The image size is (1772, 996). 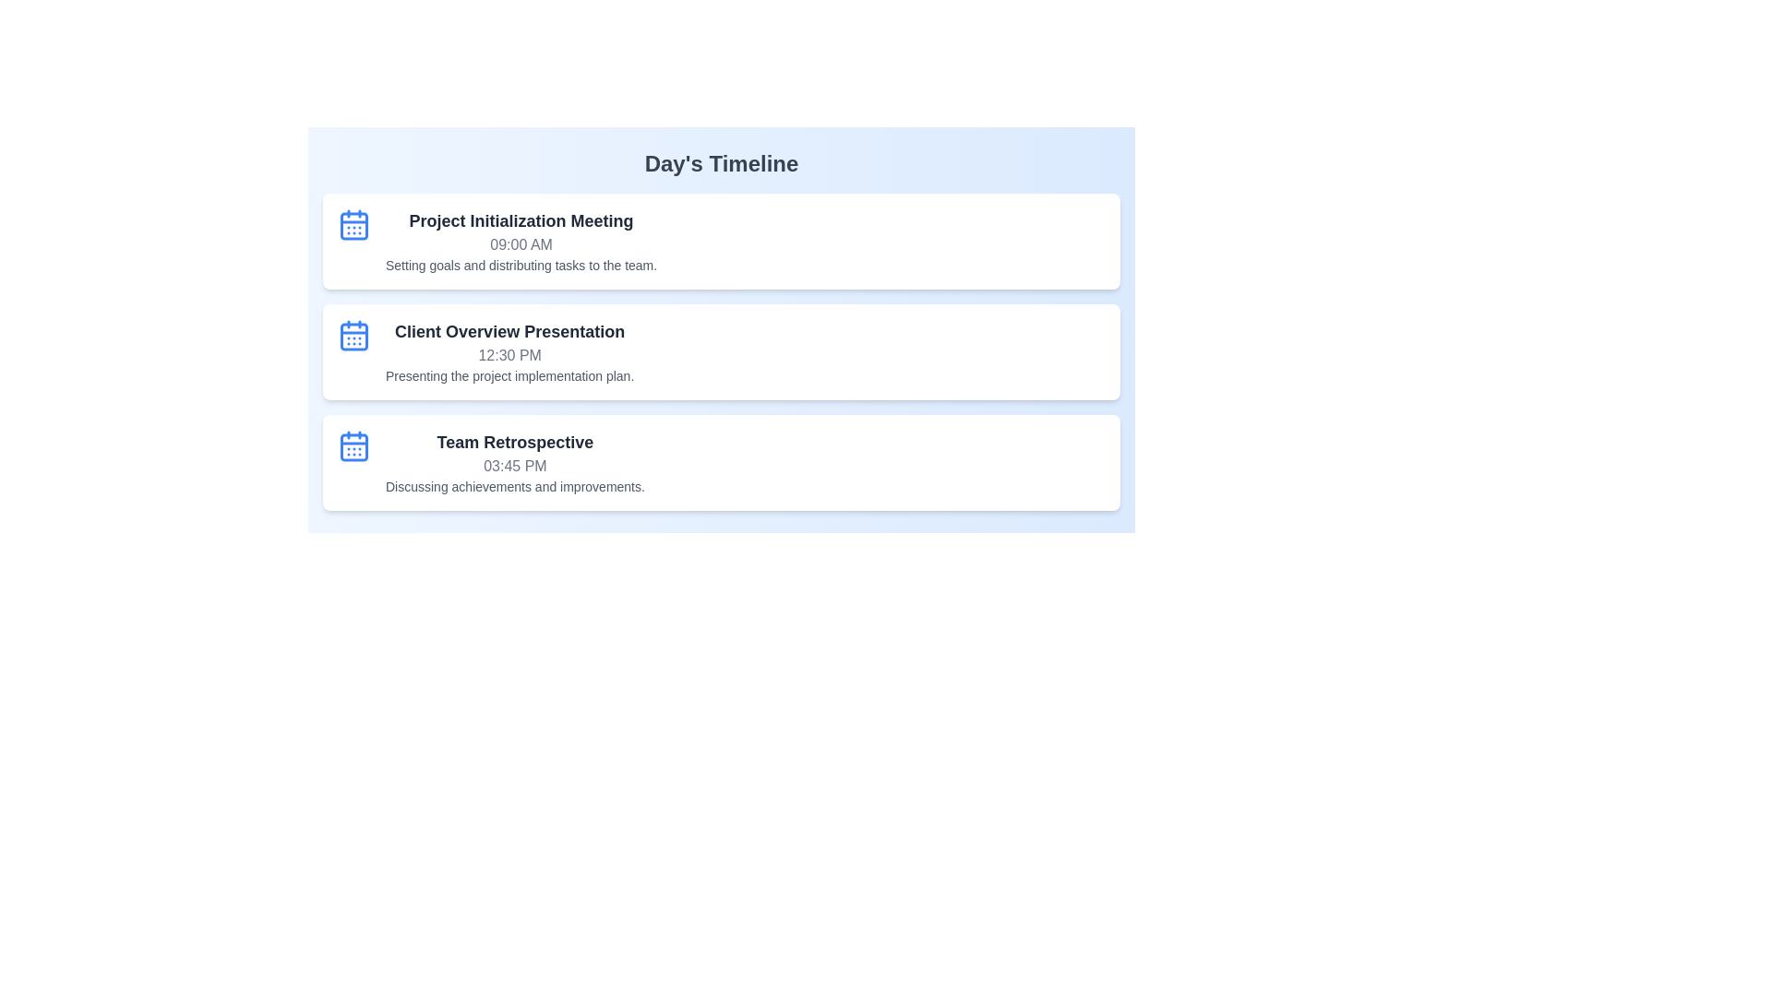 What do you see at coordinates (354, 225) in the screenshot?
I see `the SVG graphical element representing the calendar icon to the left of the text 'Project Initialization Meeting'` at bounding box center [354, 225].